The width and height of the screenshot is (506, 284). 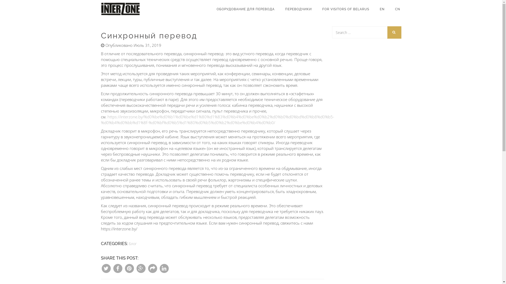 I want to click on 'FOR VISITORS OF BELARUS', so click(x=345, y=9).